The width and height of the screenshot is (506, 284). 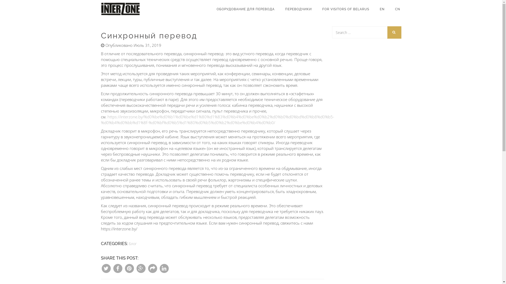 I want to click on 'FOR VISITORS OF BELARUS', so click(x=345, y=9).